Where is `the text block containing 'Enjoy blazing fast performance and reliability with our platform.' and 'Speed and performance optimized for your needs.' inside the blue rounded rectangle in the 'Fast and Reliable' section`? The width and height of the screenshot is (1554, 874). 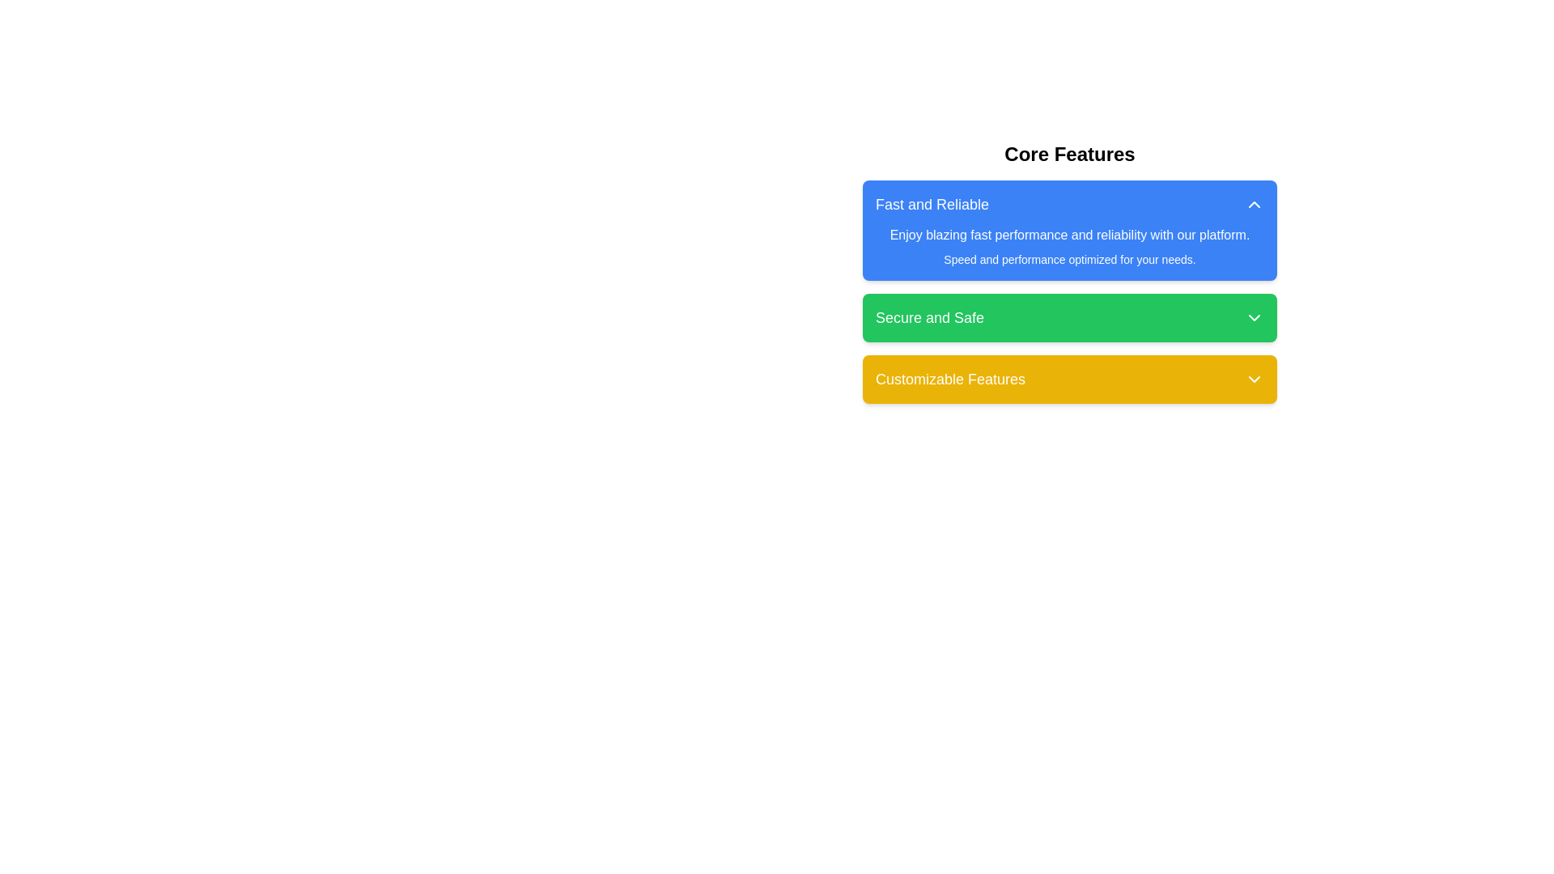
the text block containing 'Enjoy blazing fast performance and reliability with our platform.' and 'Speed and performance optimized for your needs.' inside the blue rounded rectangle in the 'Fast and Reliable' section is located at coordinates (1069, 246).